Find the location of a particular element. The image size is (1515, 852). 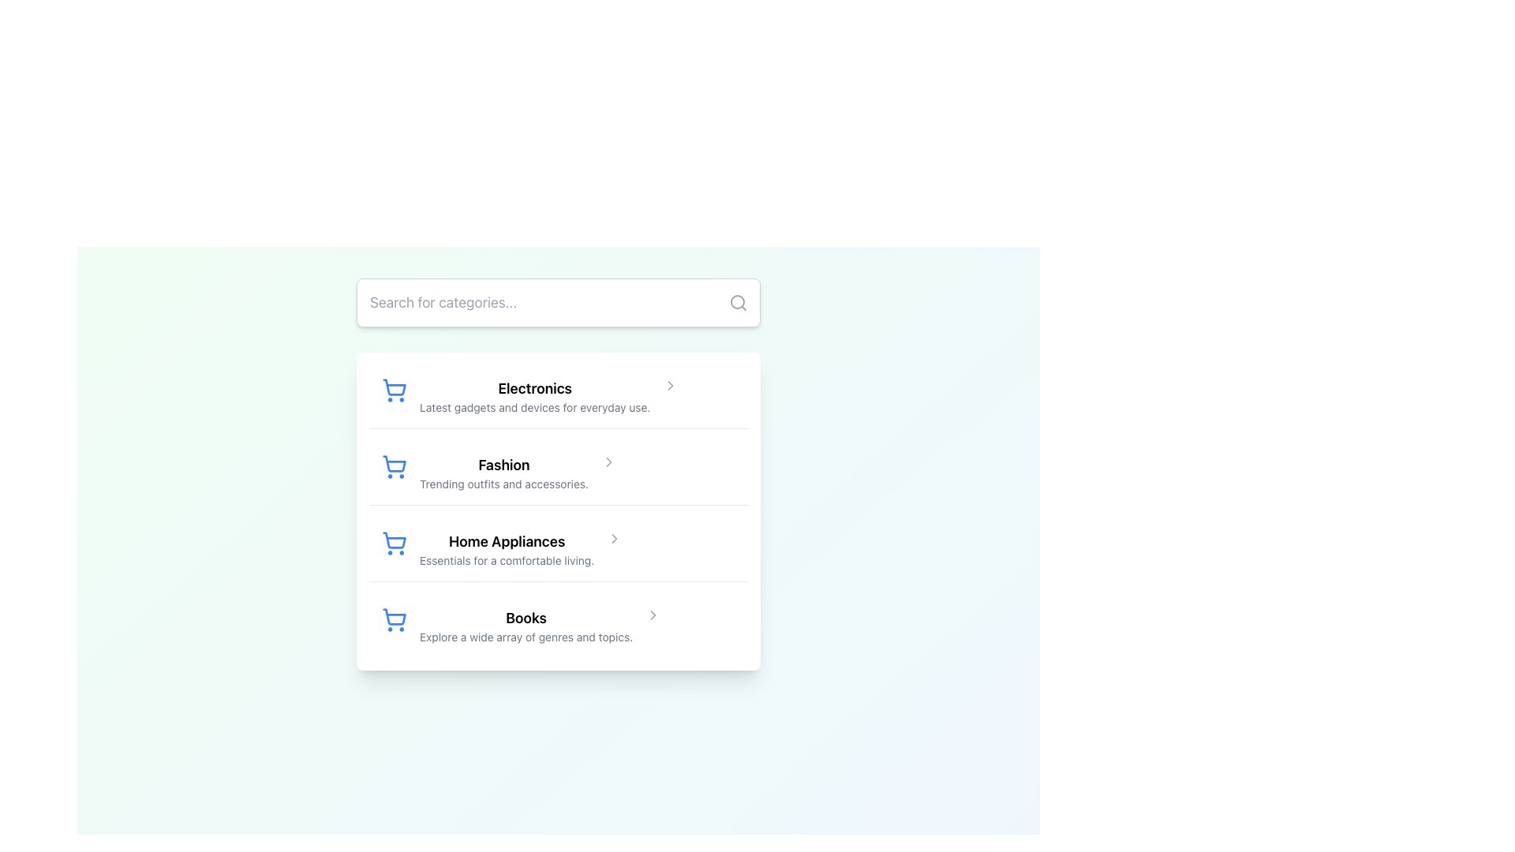

the second List Item representing the 'Fashion' category is located at coordinates (559, 511).